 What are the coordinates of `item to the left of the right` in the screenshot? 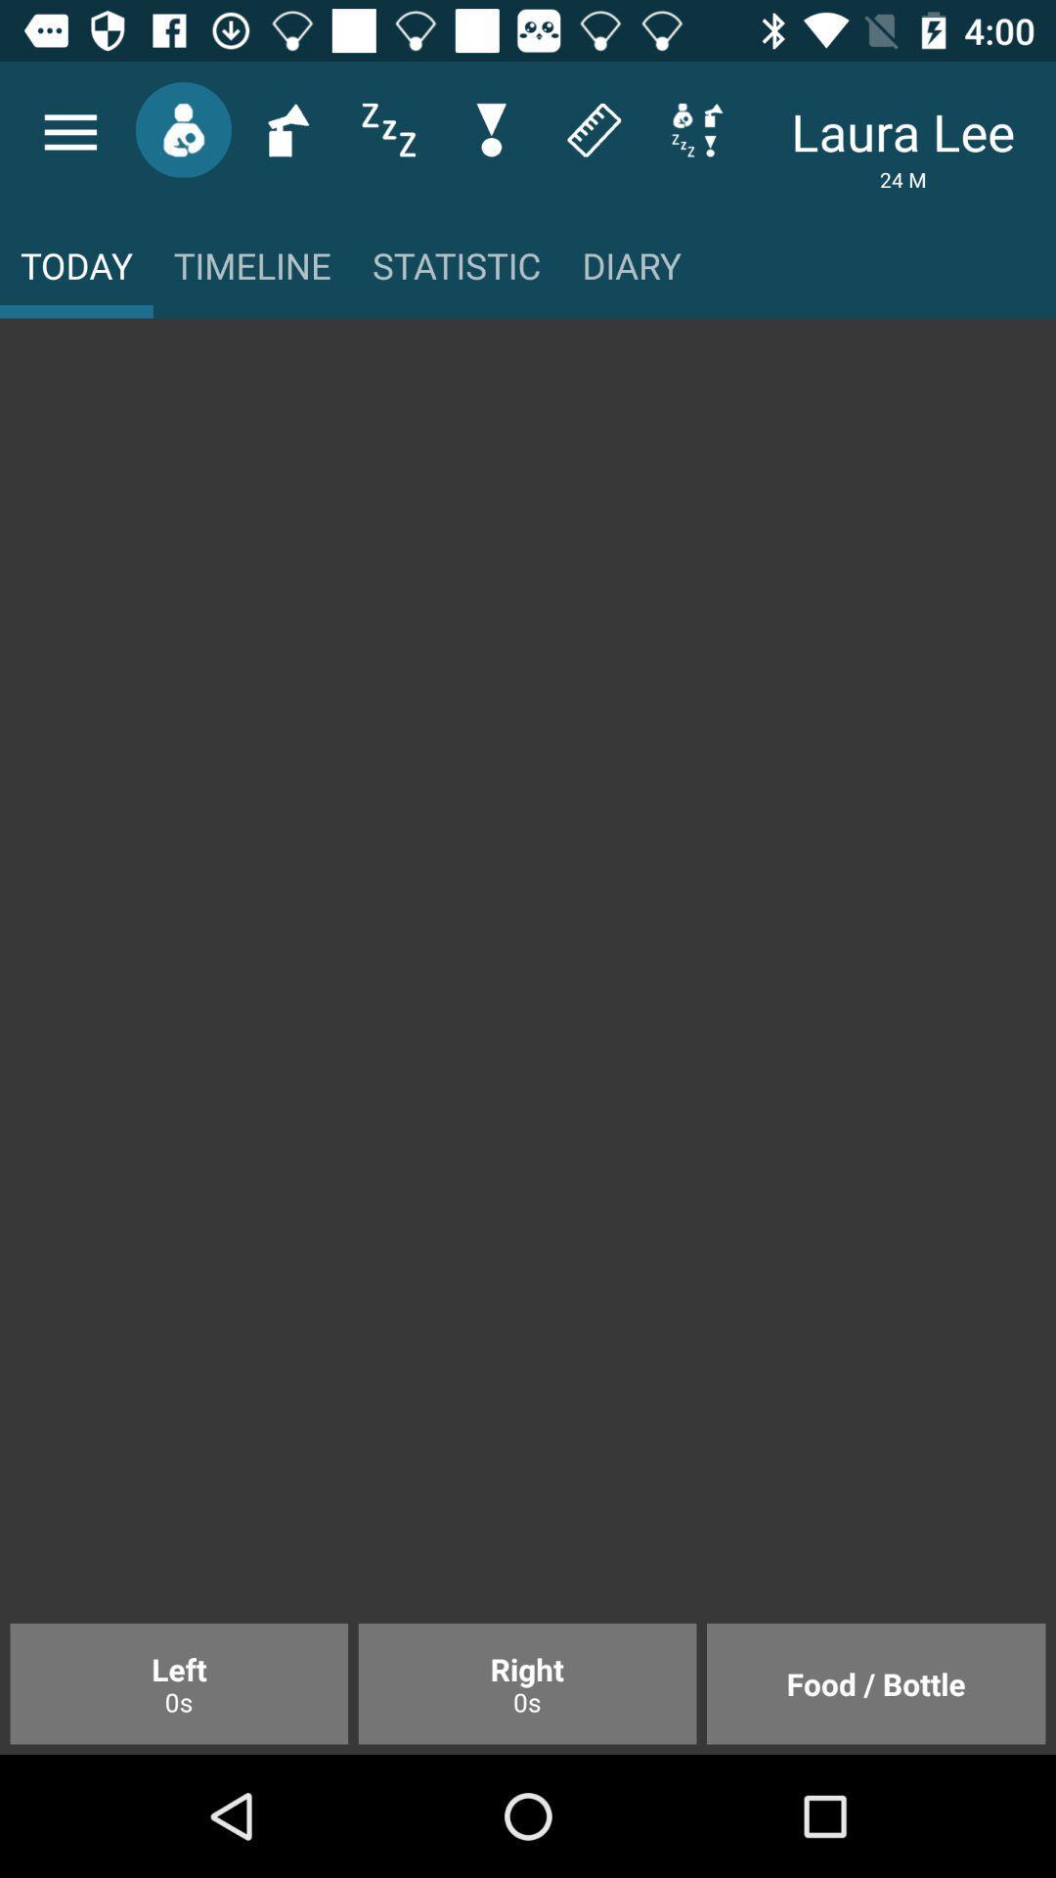 It's located at (179, 1682).